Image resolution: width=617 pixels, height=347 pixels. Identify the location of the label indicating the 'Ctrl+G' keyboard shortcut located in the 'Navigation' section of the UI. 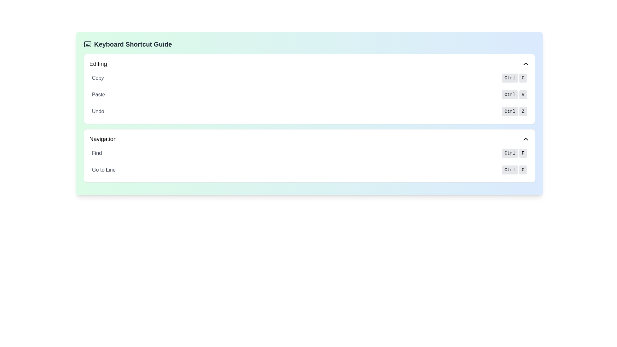
(103, 169).